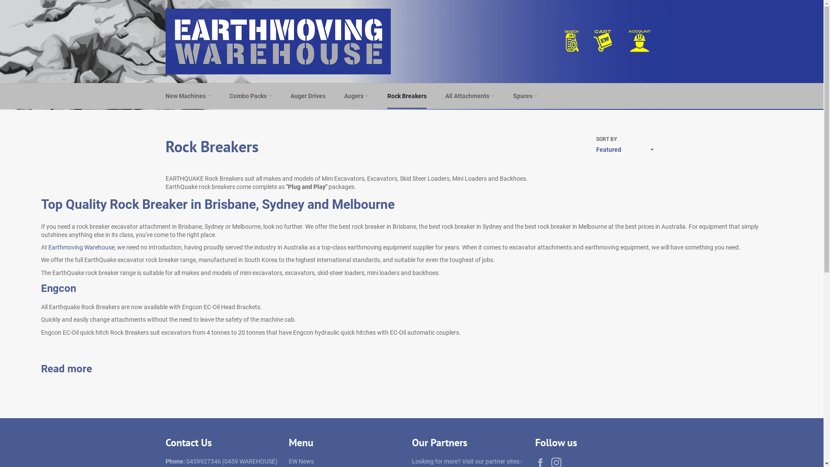 Image resolution: width=830 pixels, height=467 pixels. What do you see at coordinates (308, 96) in the screenshot?
I see `'Auger Drives'` at bounding box center [308, 96].